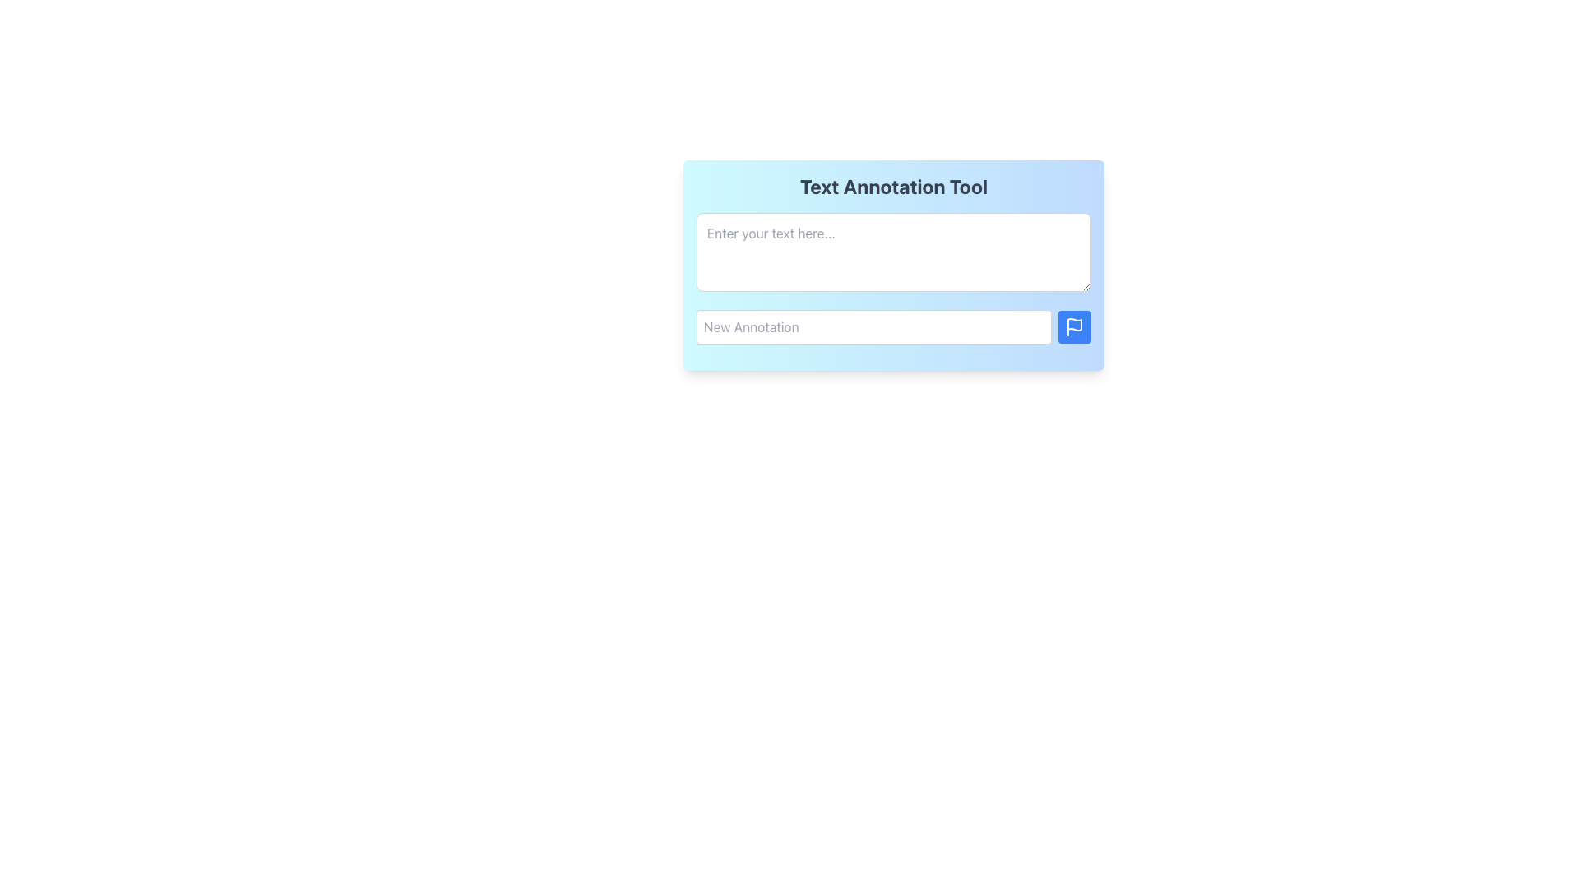 Image resolution: width=1579 pixels, height=888 pixels. What do you see at coordinates (1074, 326) in the screenshot?
I see `the circular blue button with a flag icon` at bounding box center [1074, 326].